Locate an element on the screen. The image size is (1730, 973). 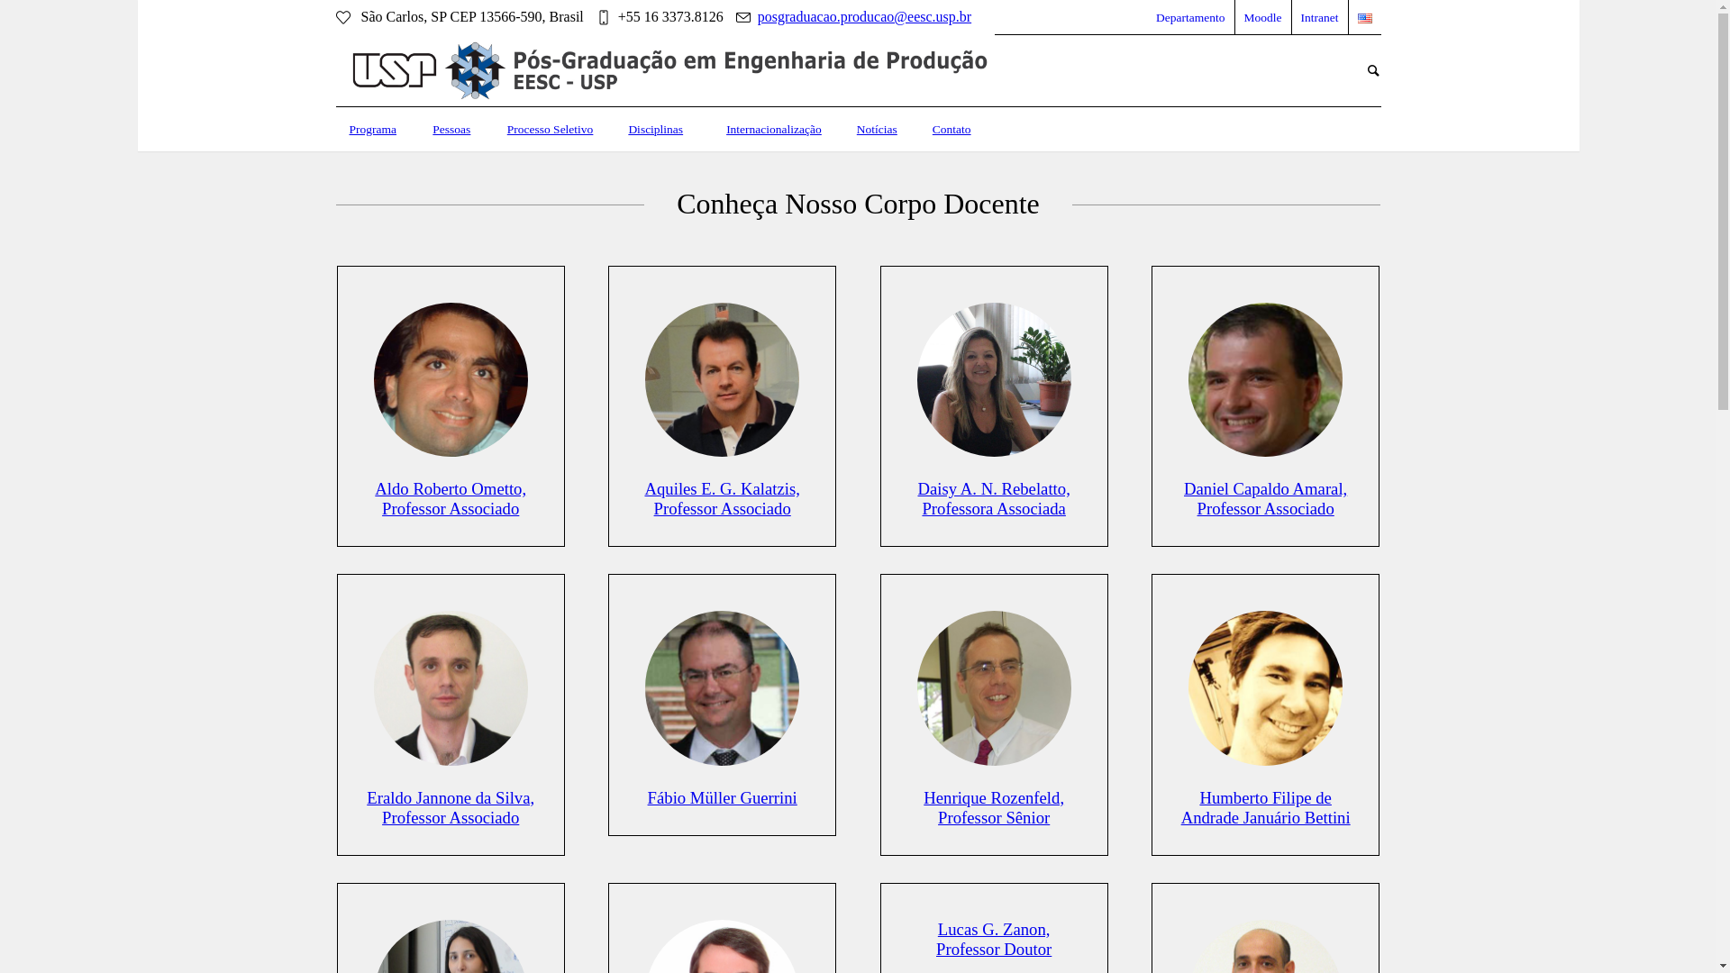
'posgraduacao.producao@eesc.usp.br' is located at coordinates (757, 16).